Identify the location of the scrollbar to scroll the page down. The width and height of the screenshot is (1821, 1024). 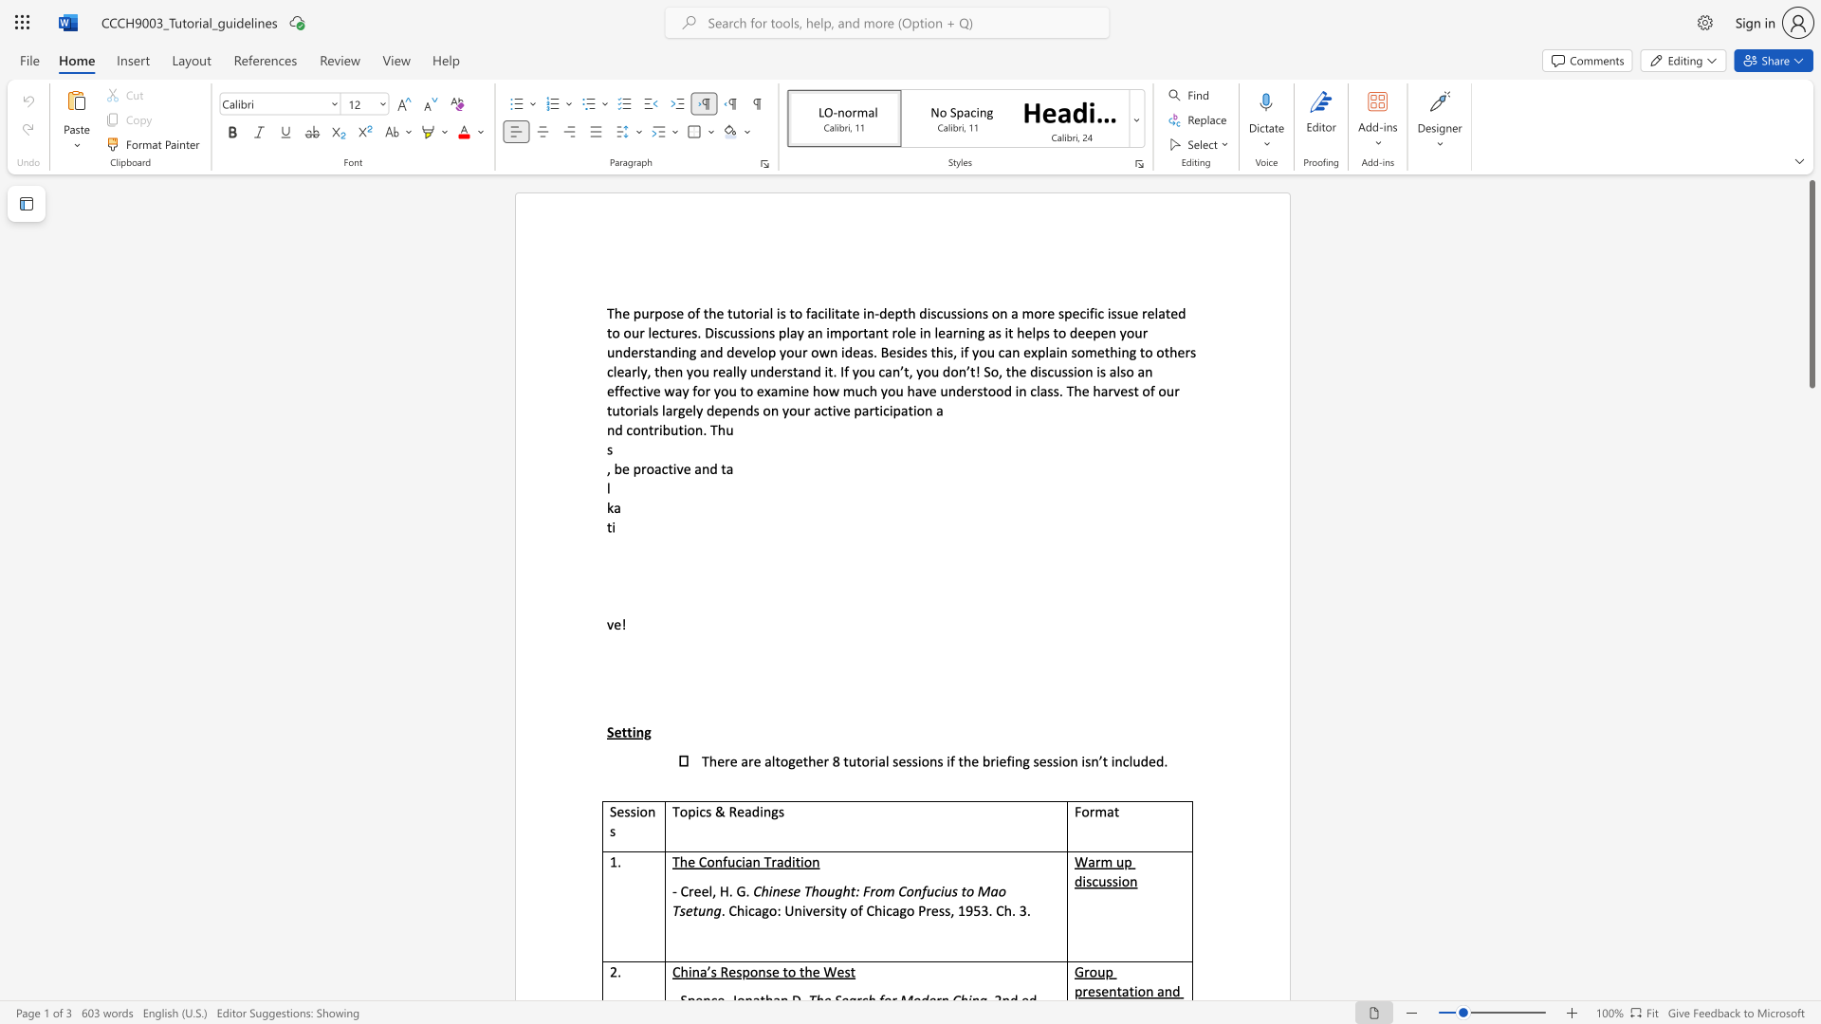
(1811, 814).